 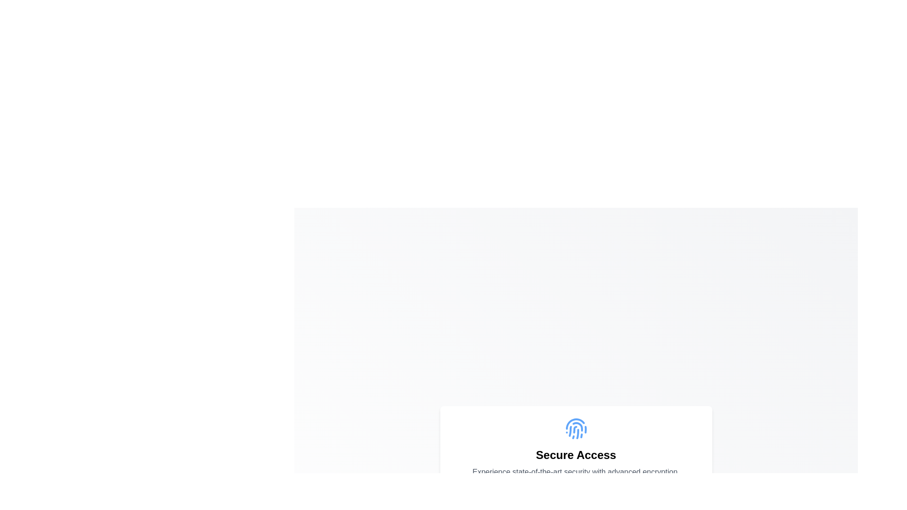 I want to click on header text located below the fingerprint icon, which serves as a heading for secure access, so click(x=575, y=455).